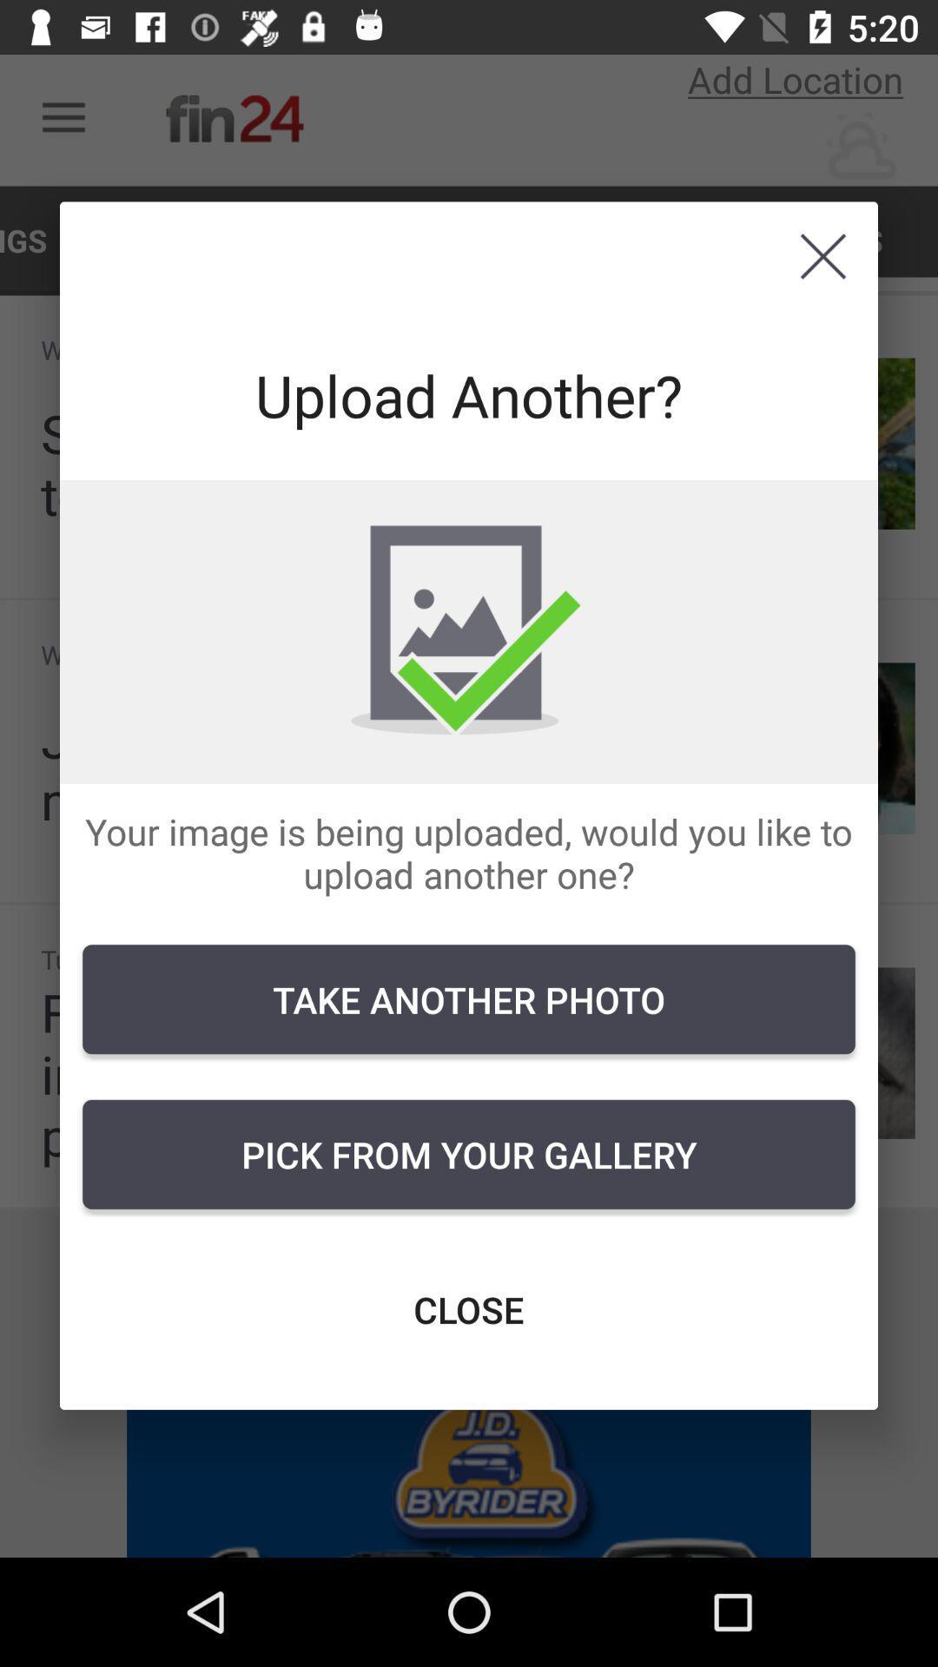 The width and height of the screenshot is (938, 1667). What do you see at coordinates (469, 999) in the screenshot?
I see `the take another photo item` at bounding box center [469, 999].